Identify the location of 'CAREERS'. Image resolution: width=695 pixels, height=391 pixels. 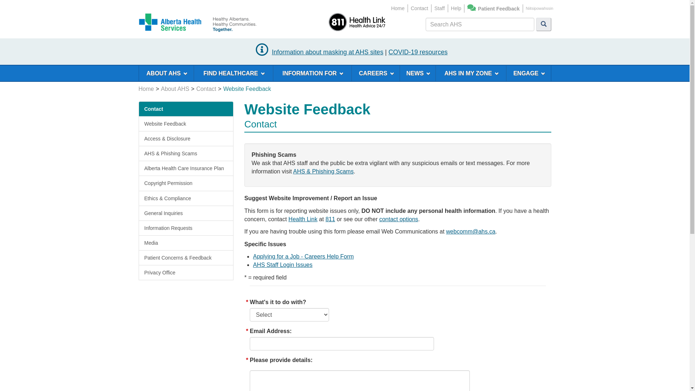
(375, 73).